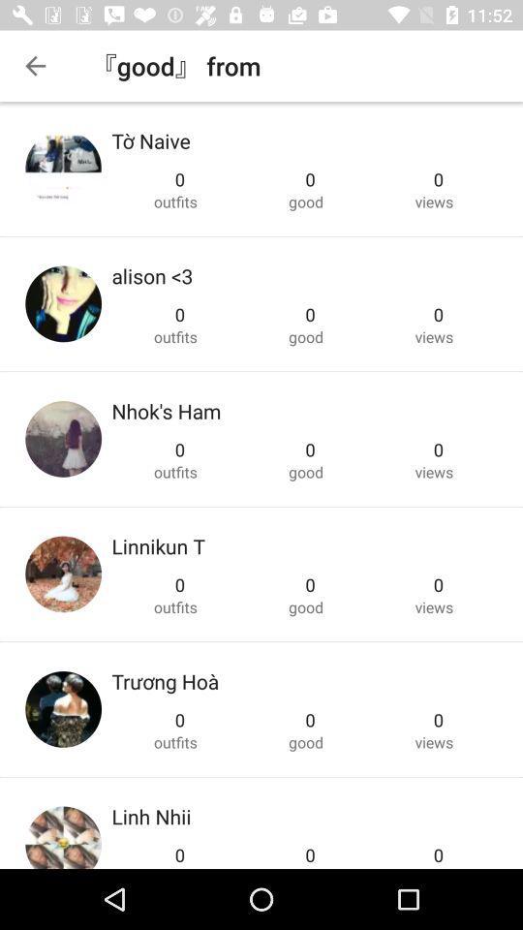 This screenshot has width=523, height=930. Describe the element at coordinates (151, 275) in the screenshot. I see `icon below outfits` at that location.